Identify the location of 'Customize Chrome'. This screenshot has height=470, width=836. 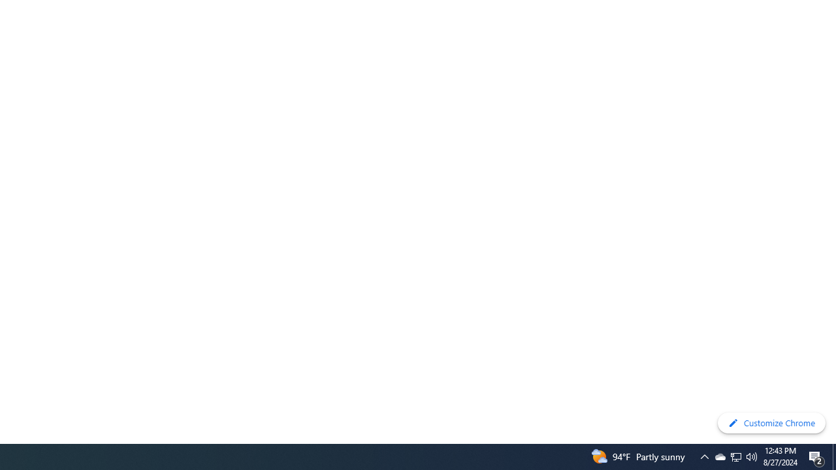
(771, 423).